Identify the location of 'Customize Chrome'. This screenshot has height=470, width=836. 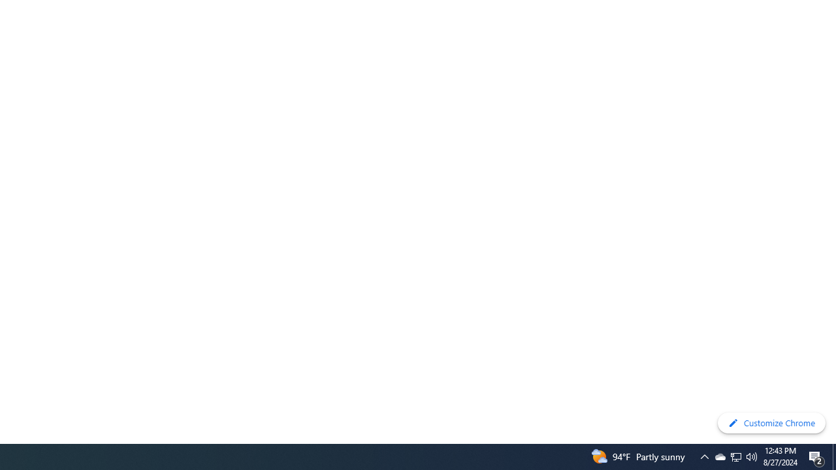
(771, 423).